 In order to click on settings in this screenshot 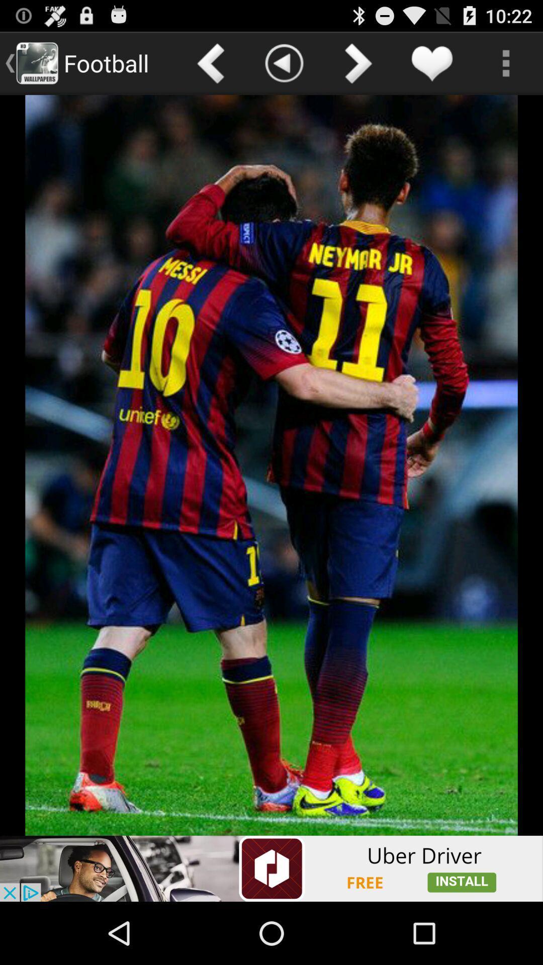, I will do `click(506, 62)`.